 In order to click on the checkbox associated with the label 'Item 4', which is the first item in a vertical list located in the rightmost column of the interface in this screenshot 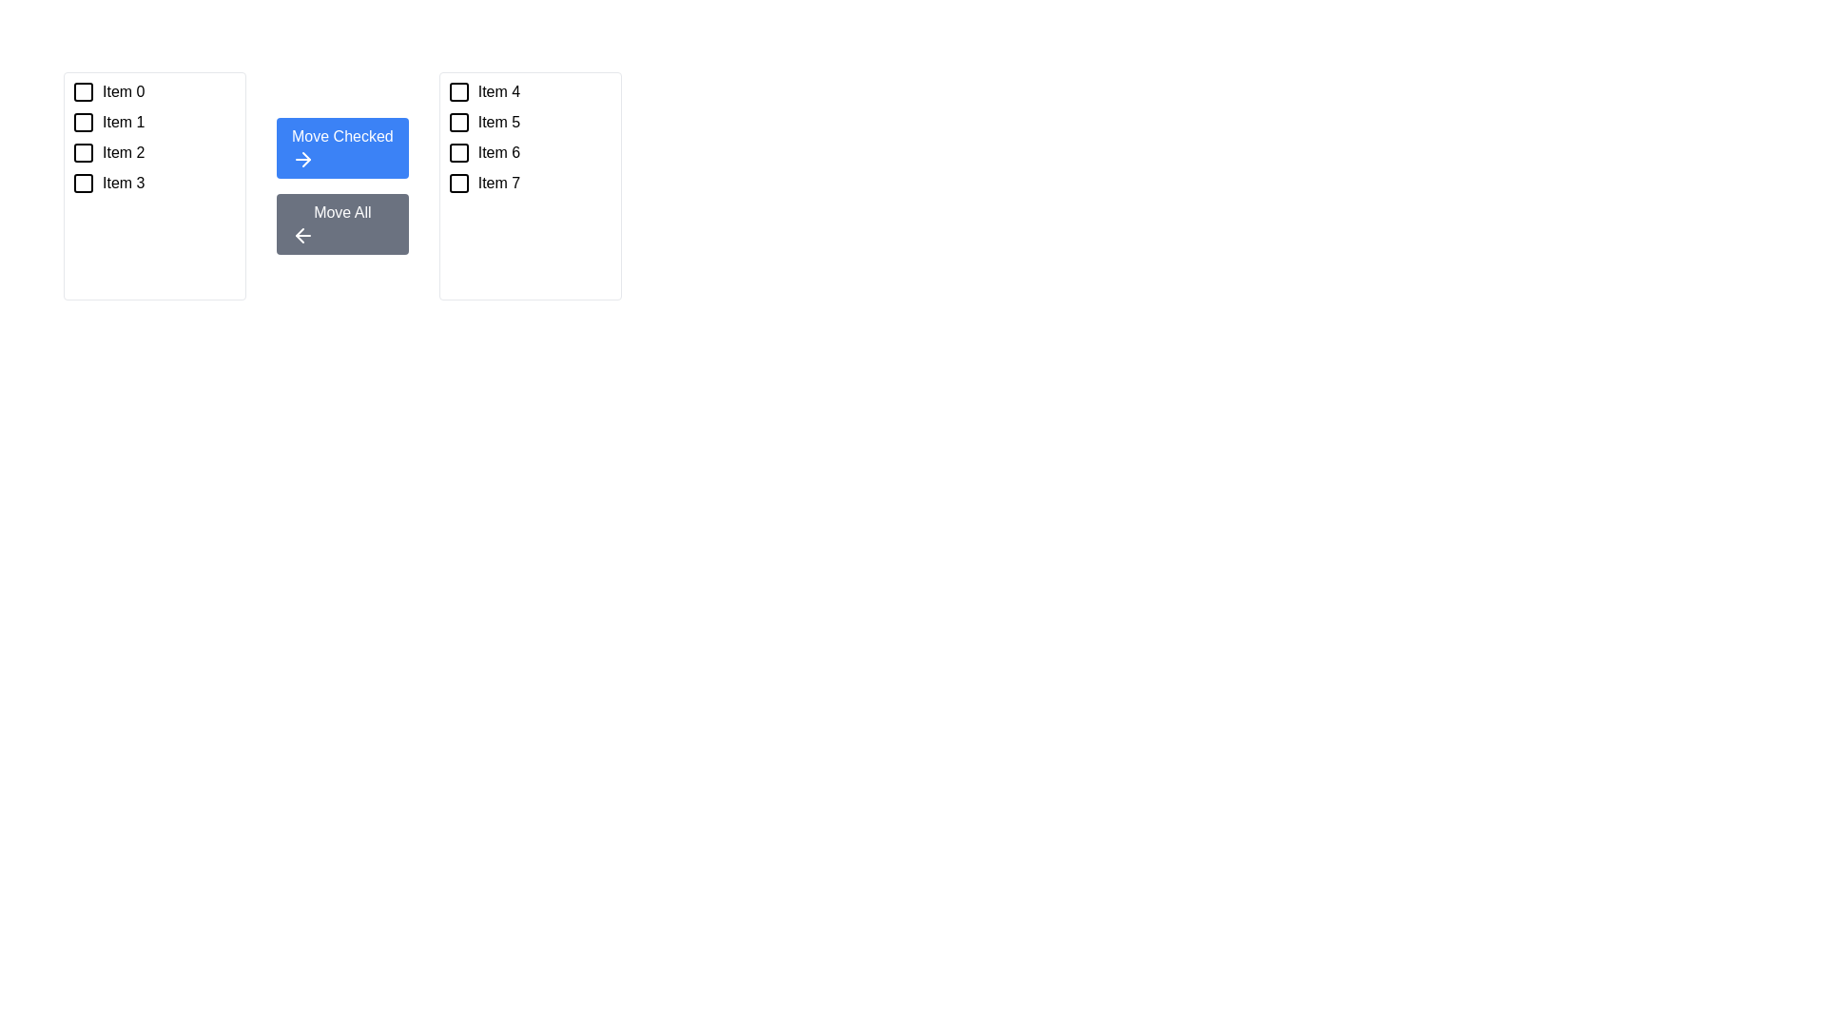, I will do `click(498, 91)`.